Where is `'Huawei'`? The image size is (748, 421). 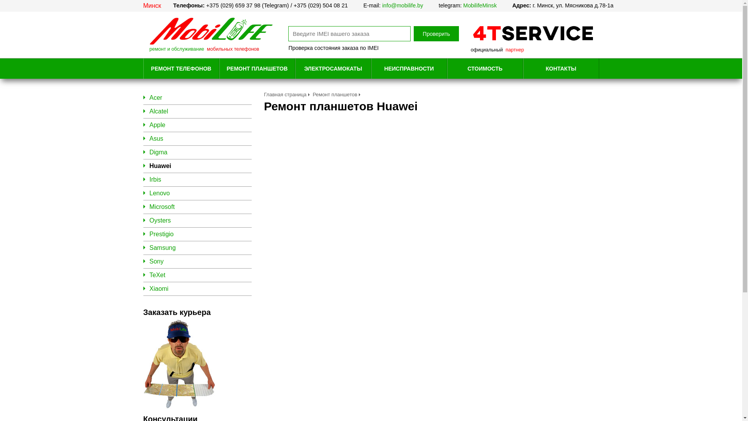
'Huawei' is located at coordinates (150, 165).